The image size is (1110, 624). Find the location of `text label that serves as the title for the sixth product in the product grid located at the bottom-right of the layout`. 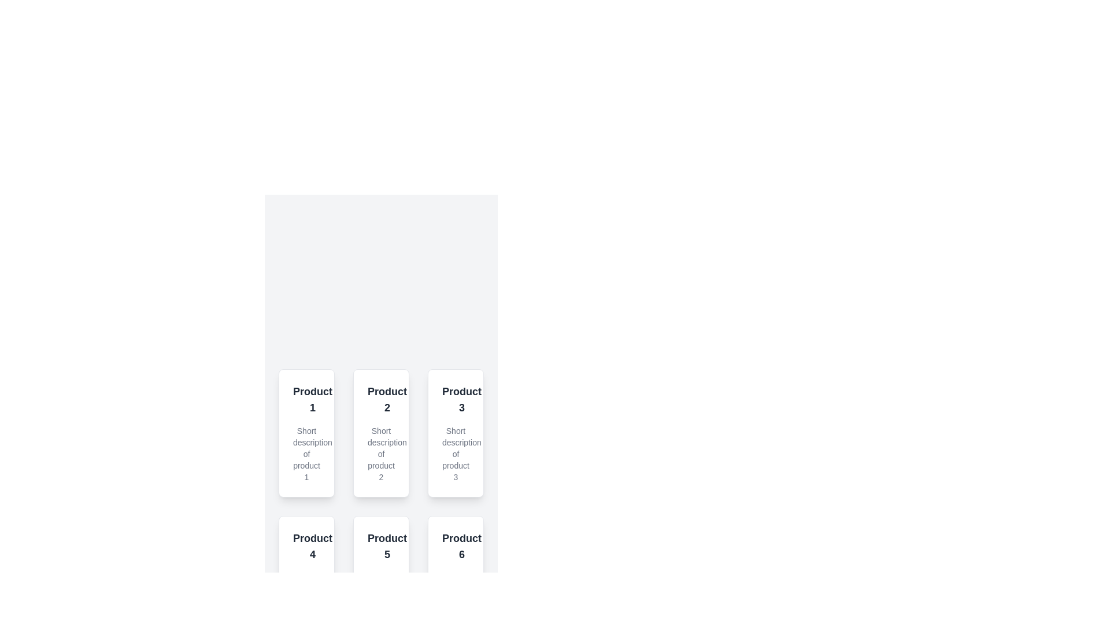

text label that serves as the title for the sixth product in the product grid located at the bottom-right of the layout is located at coordinates (461, 546).